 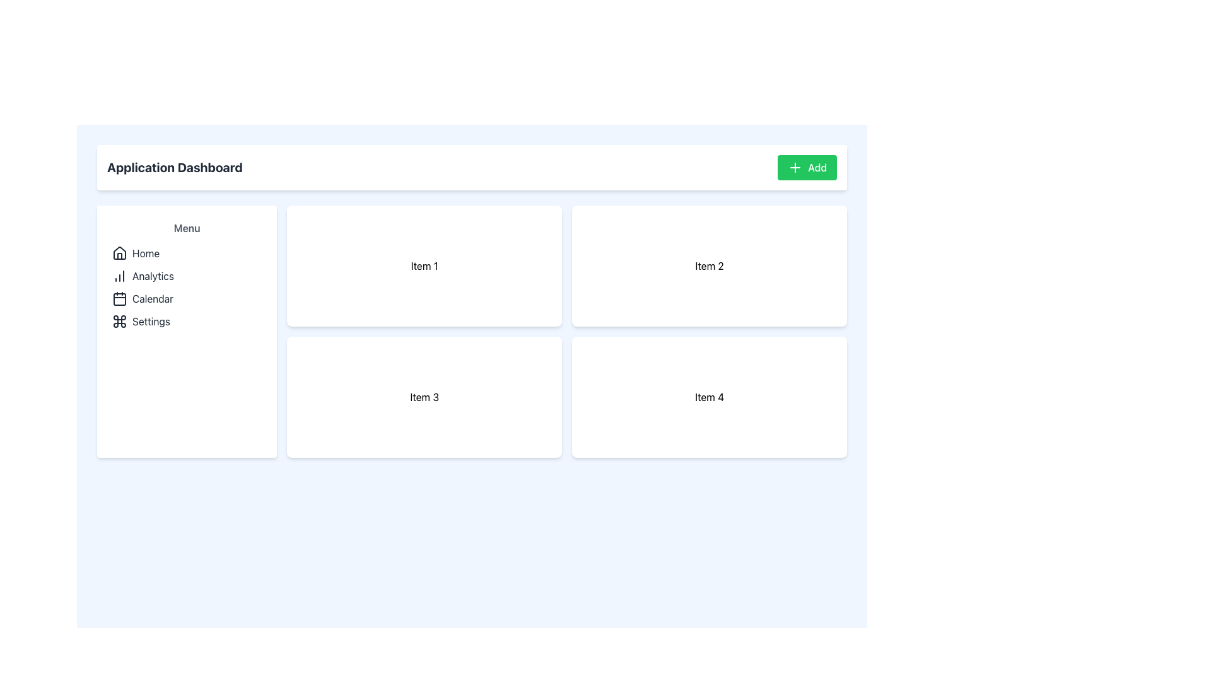 What do you see at coordinates (120, 299) in the screenshot?
I see `the styling of the calendar icon located in the sidebar menu, which is the third item in the navigation list` at bounding box center [120, 299].